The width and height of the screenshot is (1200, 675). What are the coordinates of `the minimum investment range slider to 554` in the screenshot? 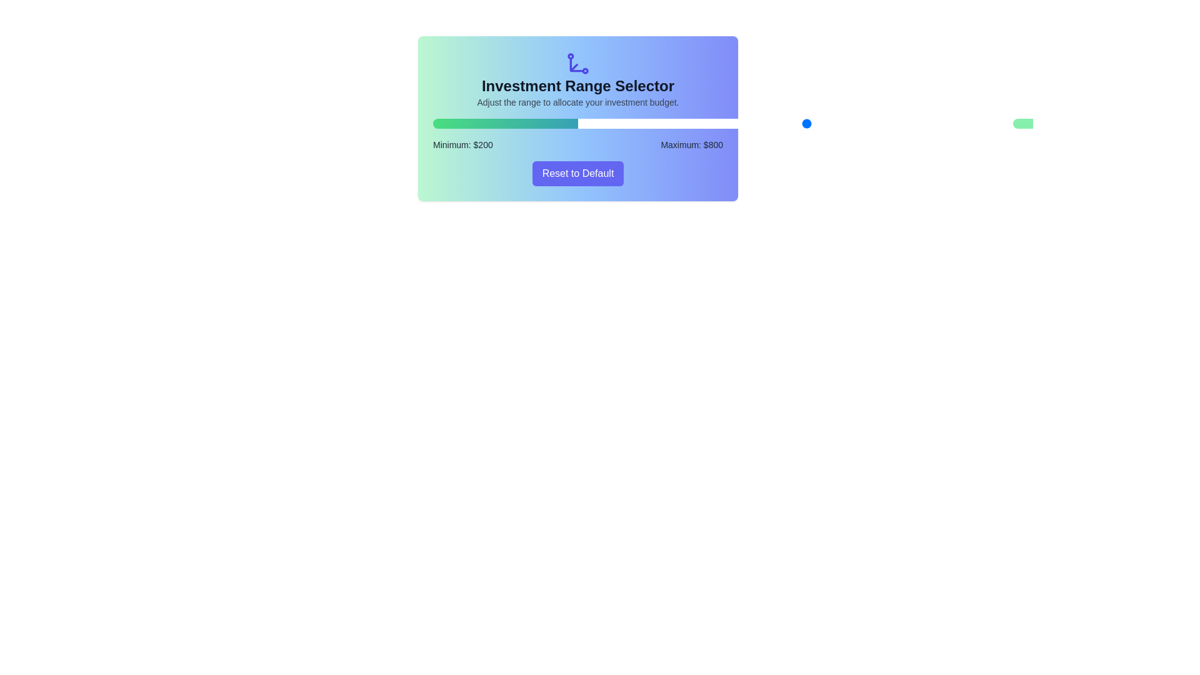 It's located at (739, 123).